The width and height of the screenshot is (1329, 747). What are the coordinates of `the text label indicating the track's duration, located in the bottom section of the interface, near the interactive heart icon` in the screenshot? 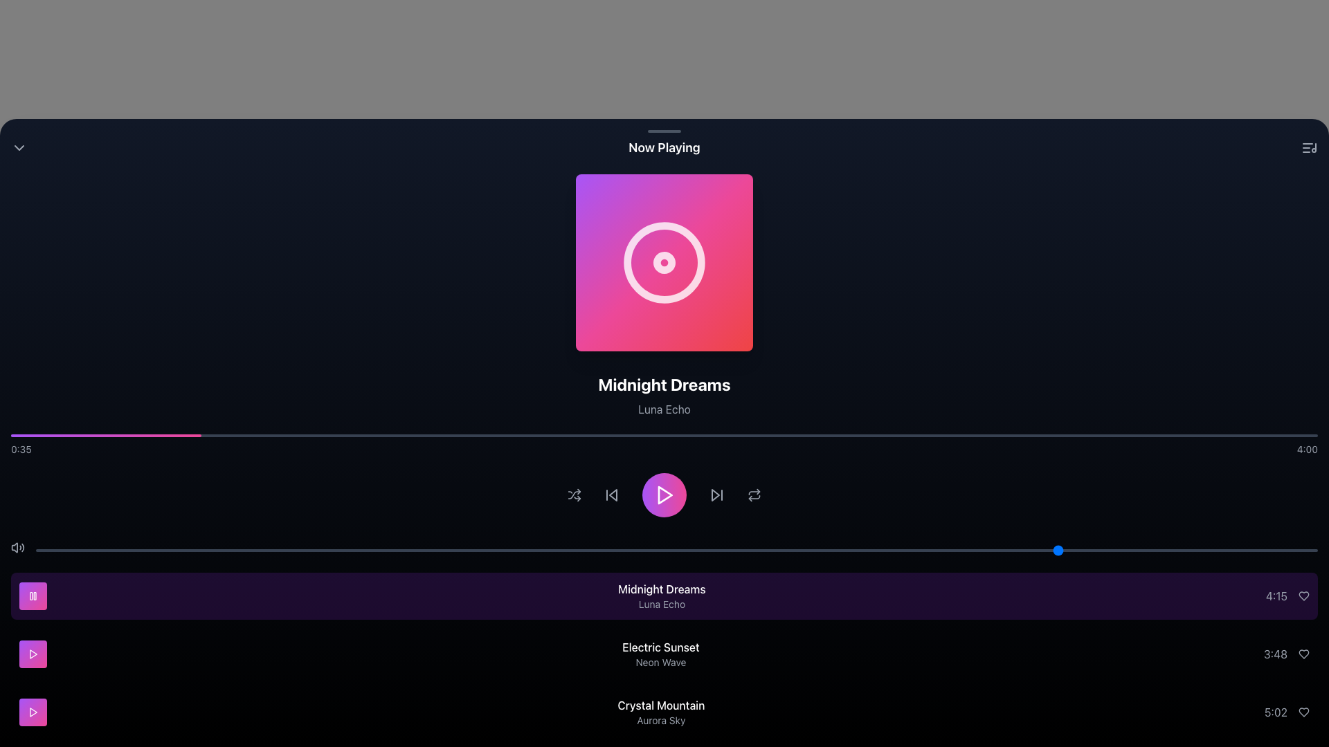 It's located at (1276, 595).